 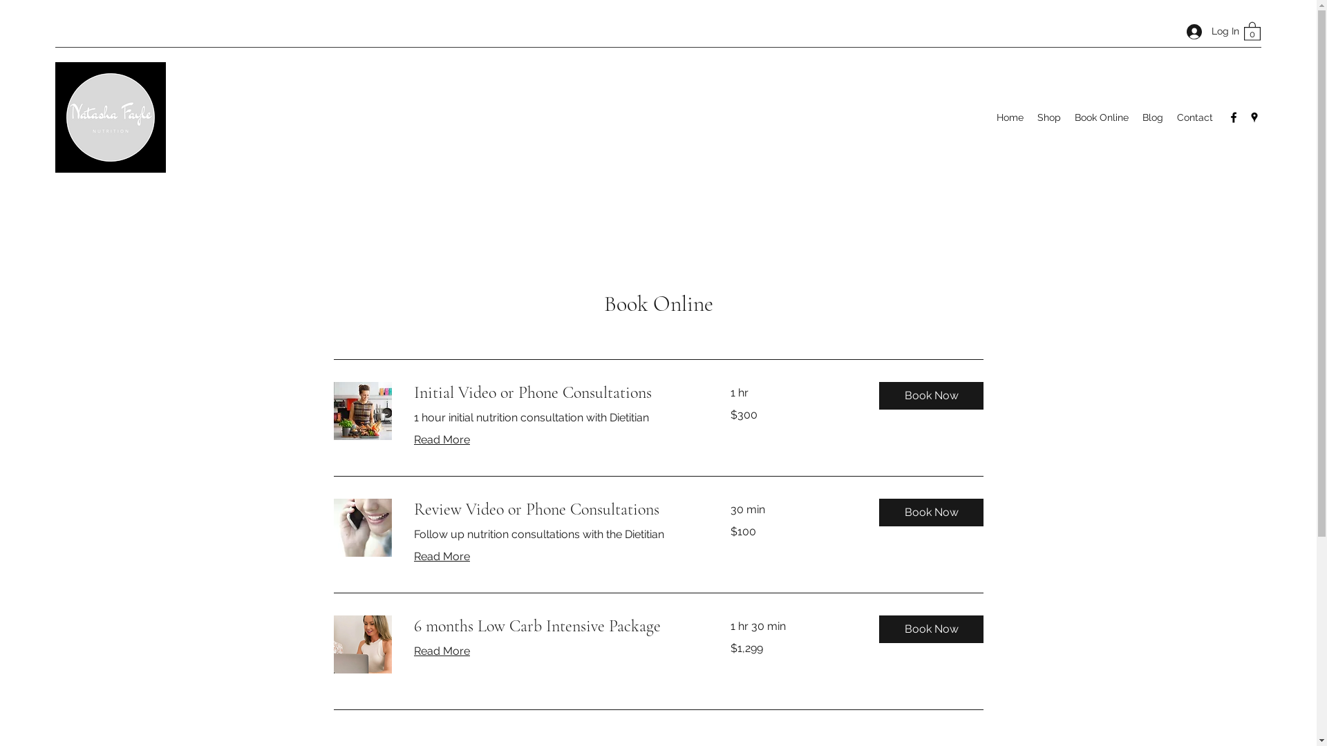 I want to click on '0', so click(x=1252, y=30).